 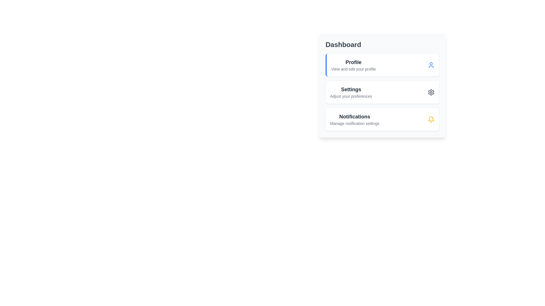 I want to click on the 'Profile' text element, which is bold, slightly larger, and dark gray, located in the 'Dashboard' section under a description line, aligned to the left, so click(x=353, y=62).